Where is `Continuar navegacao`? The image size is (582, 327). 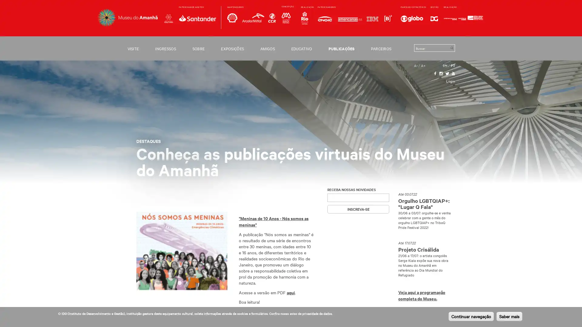
Continuar navegacao is located at coordinates (471, 316).